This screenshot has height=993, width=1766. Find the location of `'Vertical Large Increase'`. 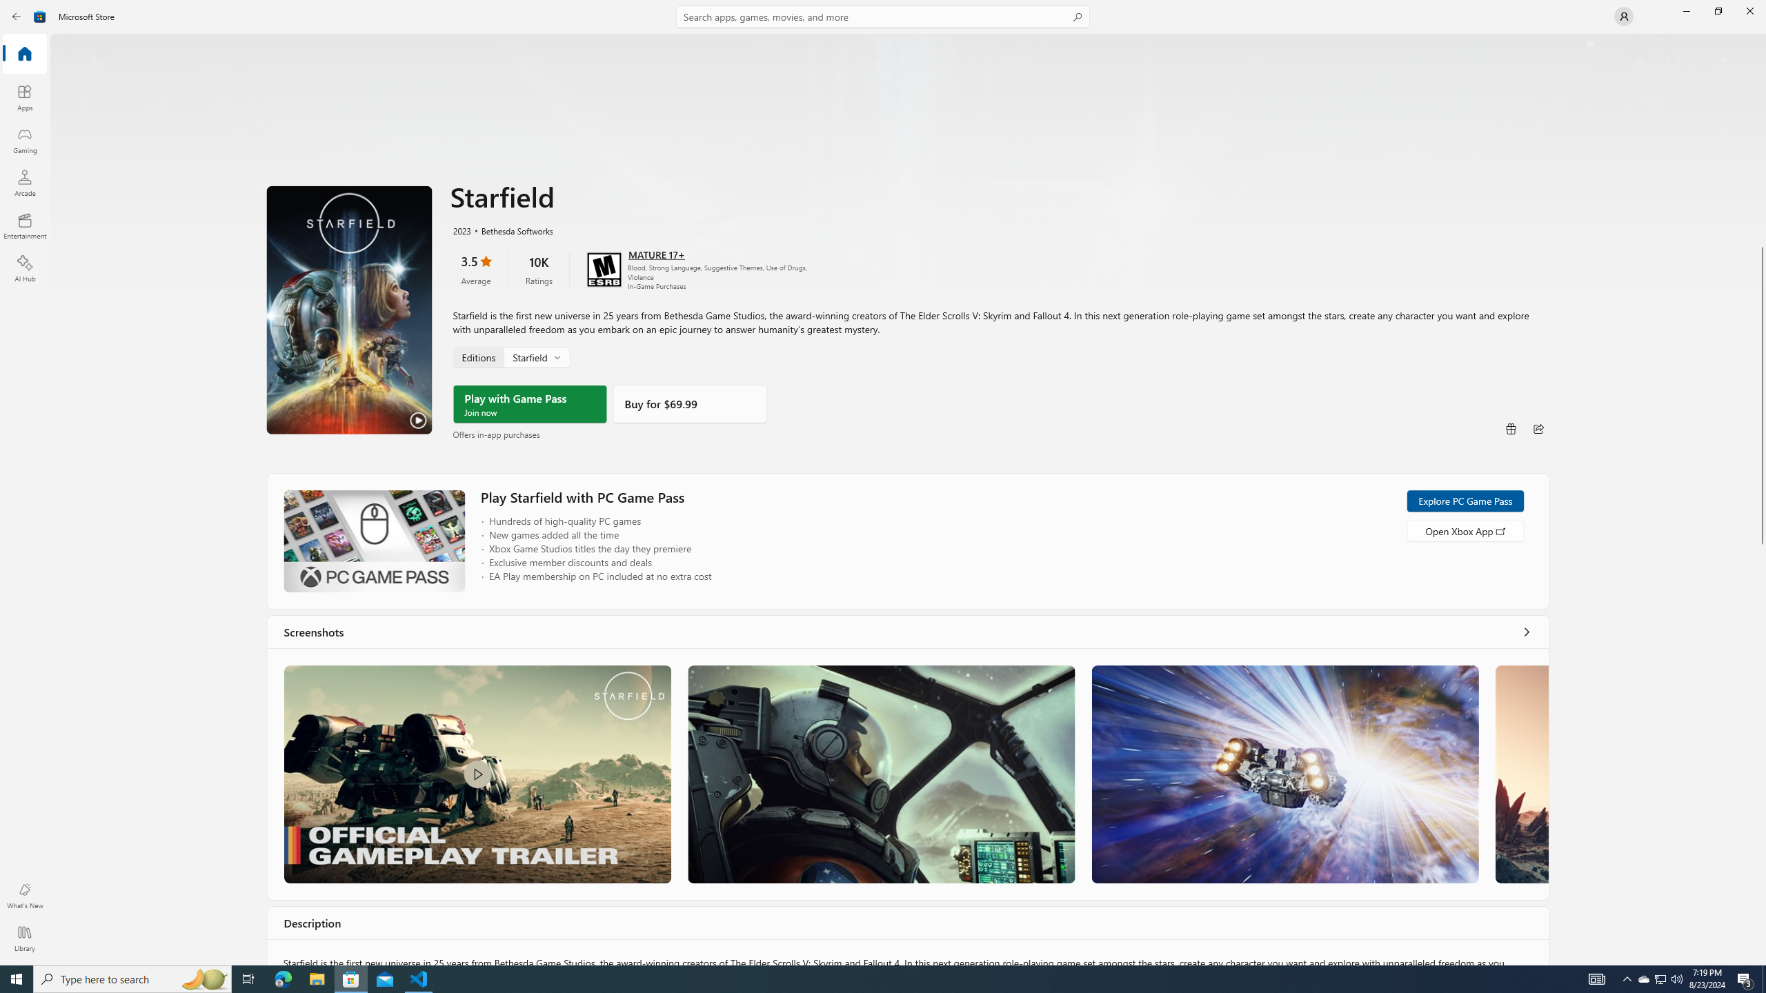

'Vertical Large Increase' is located at coordinates (1760, 750).